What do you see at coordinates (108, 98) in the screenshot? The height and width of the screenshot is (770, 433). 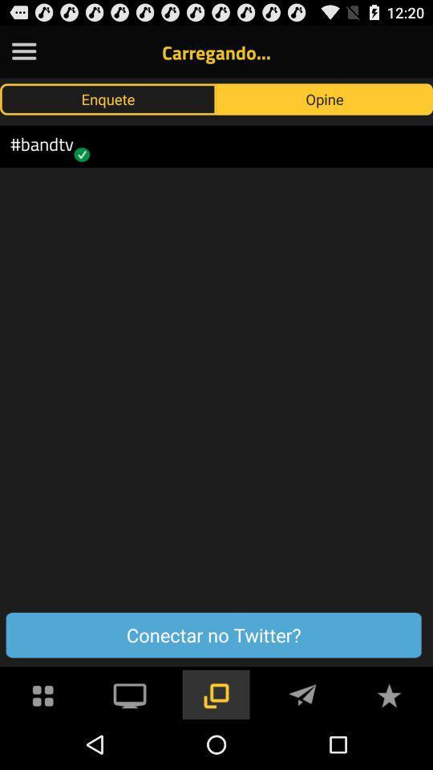 I see `the icon to the left of opine` at bounding box center [108, 98].